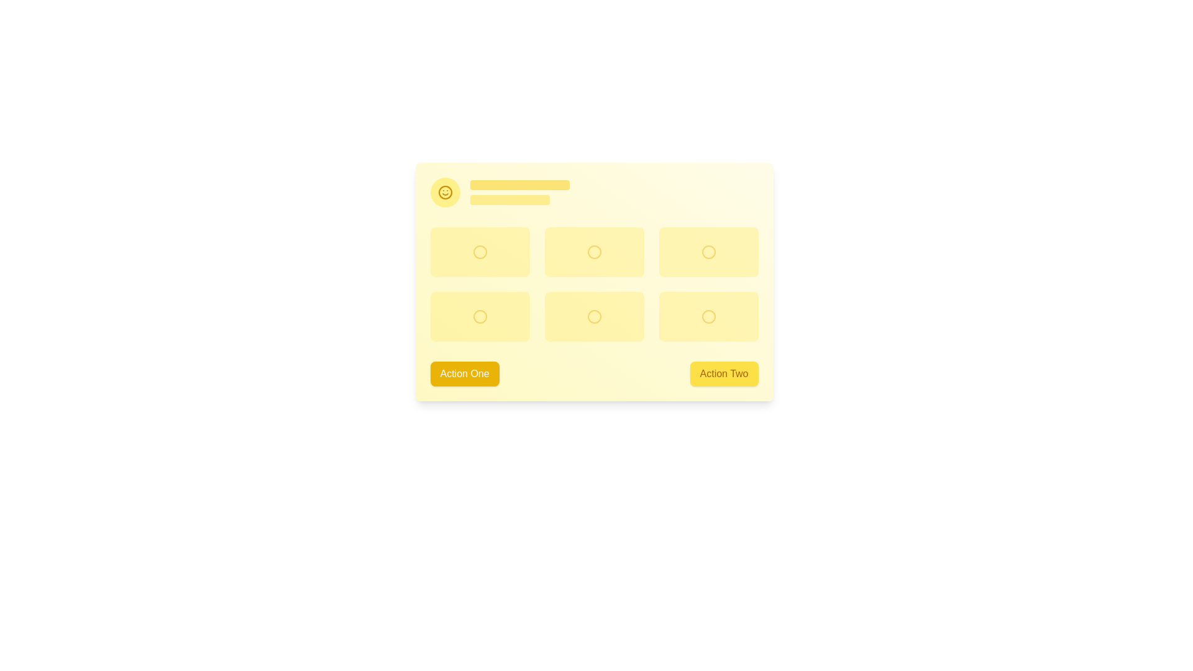 The image size is (1193, 671). What do you see at coordinates (708, 316) in the screenshot?
I see `the sixth card in a 3x2 grid layout located at the bottom-right corner` at bounding box center [708, 316].